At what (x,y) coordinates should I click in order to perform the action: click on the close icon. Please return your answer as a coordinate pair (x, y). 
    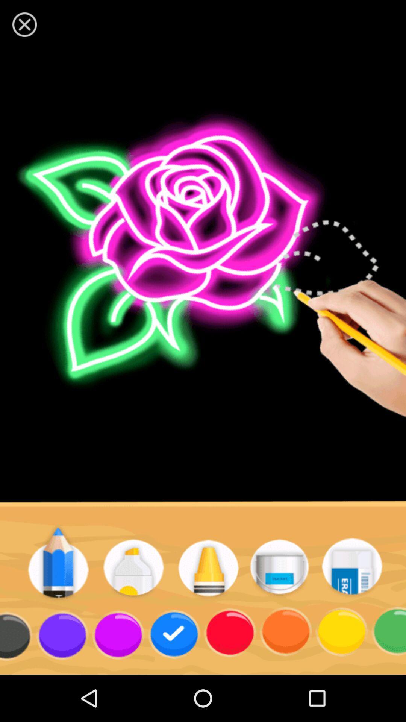
    Looking at the image, I should click on (24, 24).